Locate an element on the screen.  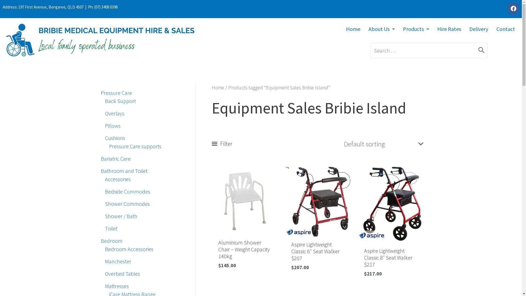
'Manchester' is located at coordinates (118, 261).